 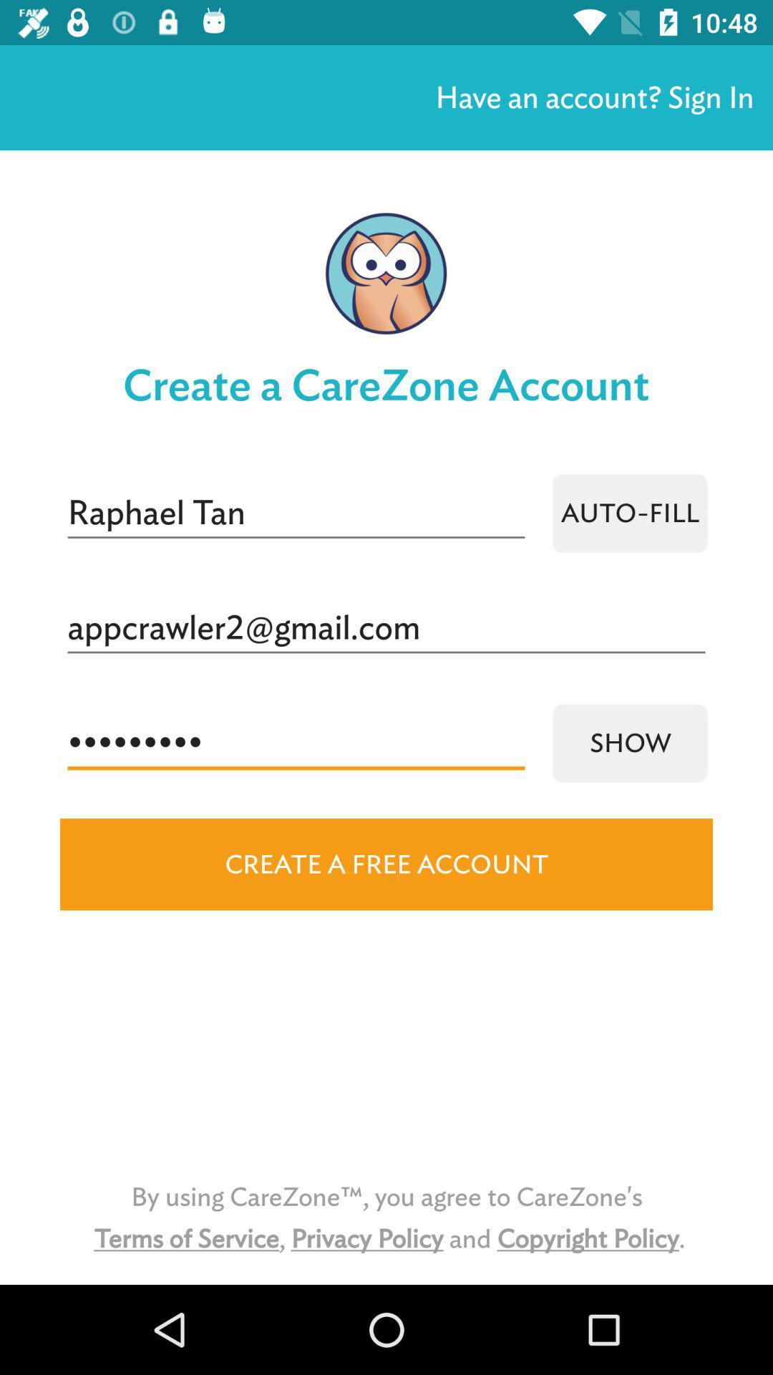 I want to click on the item to the left of auto-fill icon, so click(x=295, y=513).